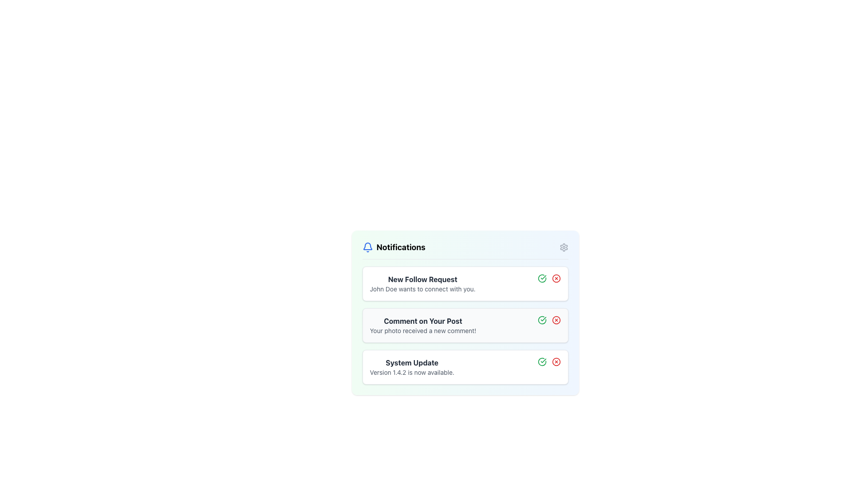  I want to click on the title text label of the notification card indicating 'System Update', located in the lower part of the card, which is the first element followed by a smaller font text, and is the third card in a vertically stacked list, so click(411, 362).